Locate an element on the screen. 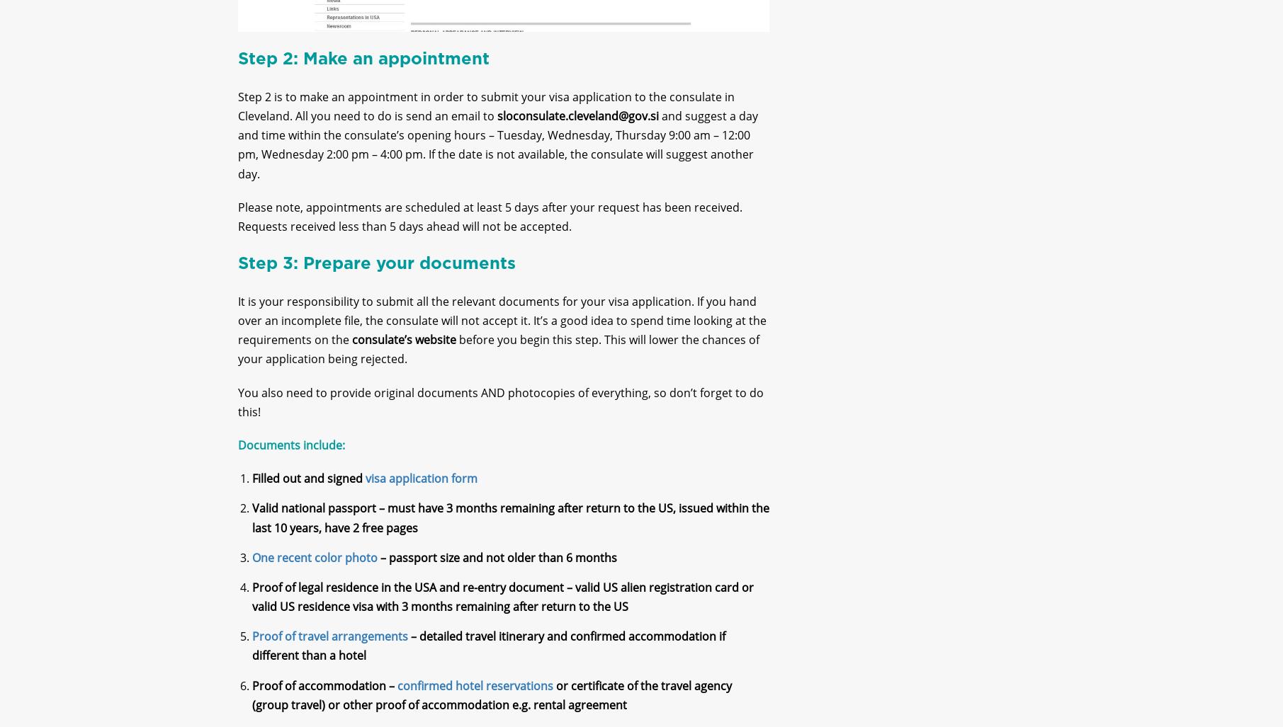 This screenshot has height=727, width=1283. 'visa application form' is located at coordinates (420, 491).